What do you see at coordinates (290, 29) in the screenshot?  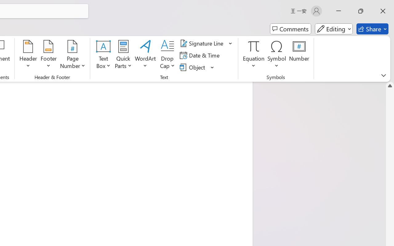 I see `'Comments'` at bounding box center [290, 29].